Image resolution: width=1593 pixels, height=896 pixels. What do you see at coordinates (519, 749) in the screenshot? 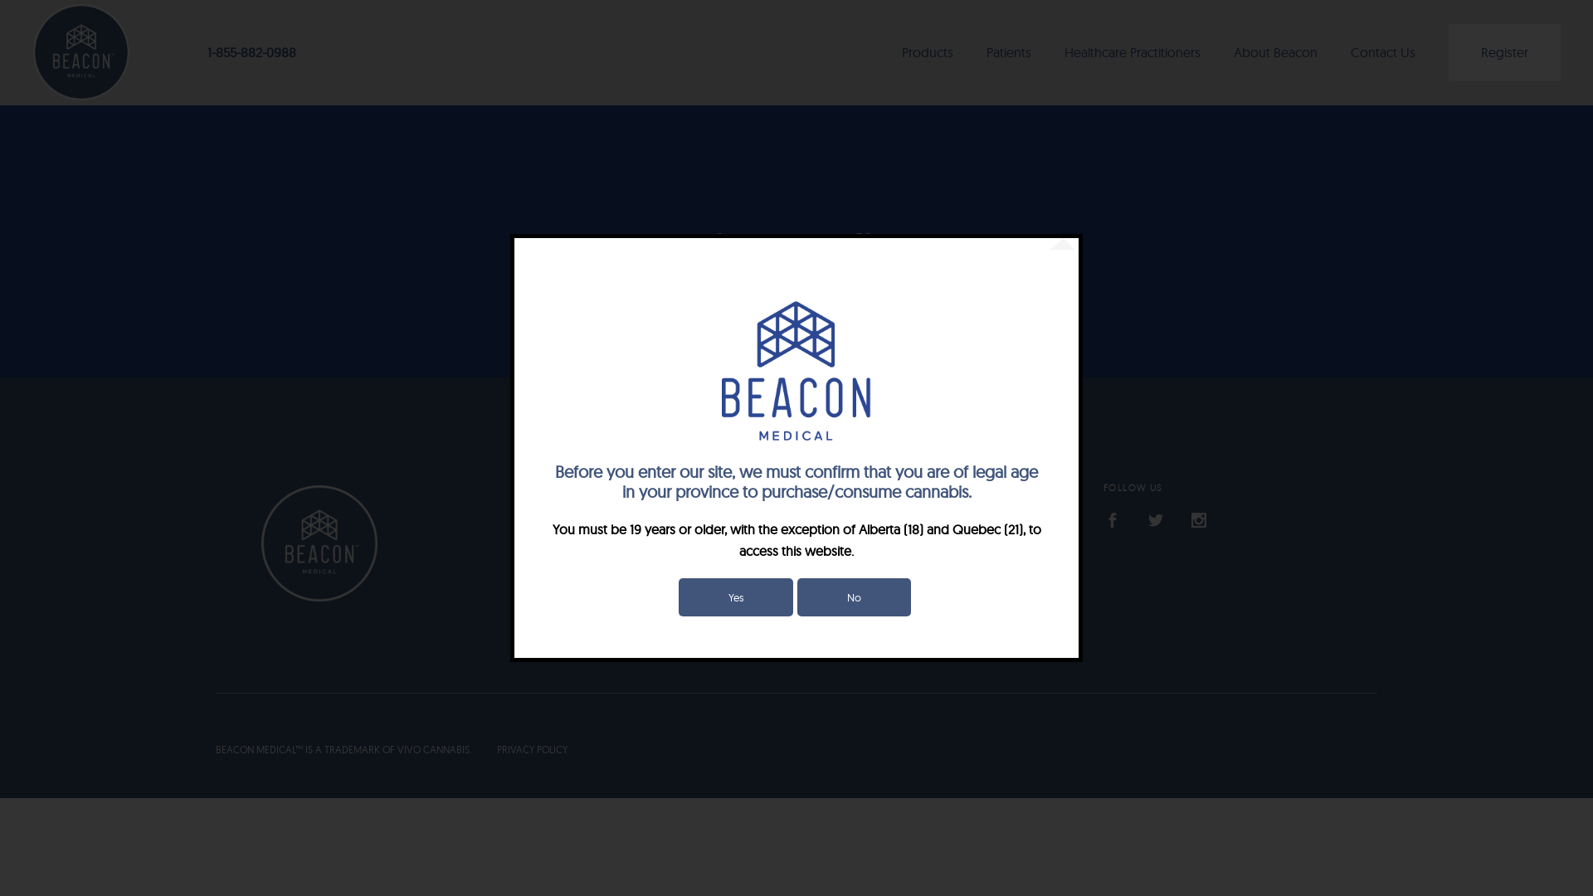
I see `'PRIVACY POLICY'` at bounding box center [519, 749].